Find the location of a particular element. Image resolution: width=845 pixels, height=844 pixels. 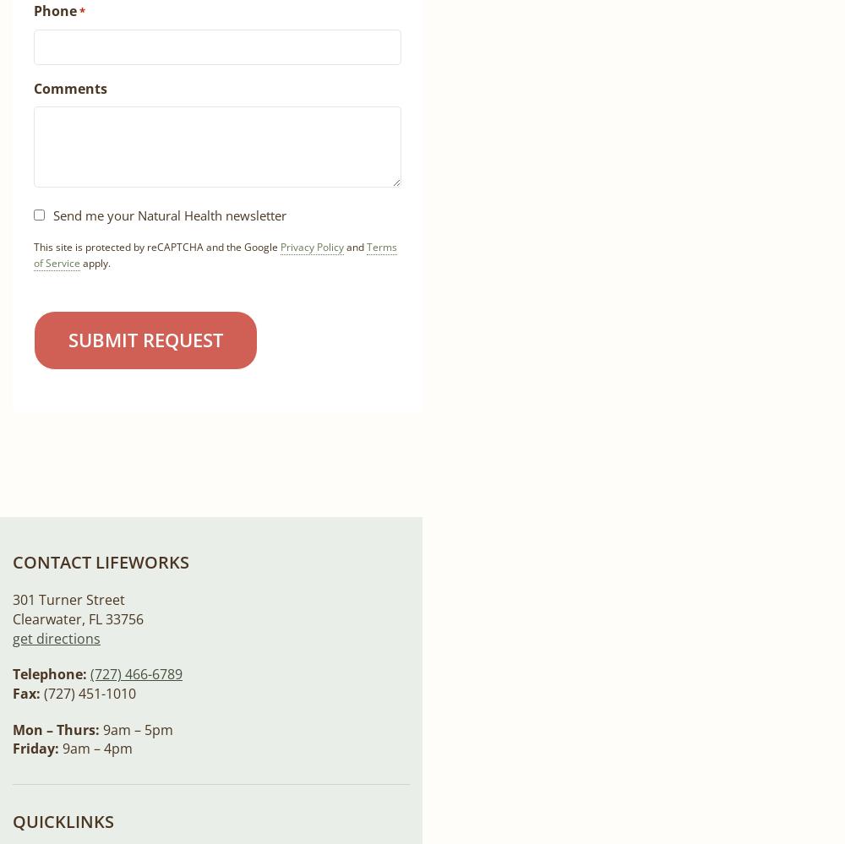

'Privacy Policy' is located at coordinates (311, 246).